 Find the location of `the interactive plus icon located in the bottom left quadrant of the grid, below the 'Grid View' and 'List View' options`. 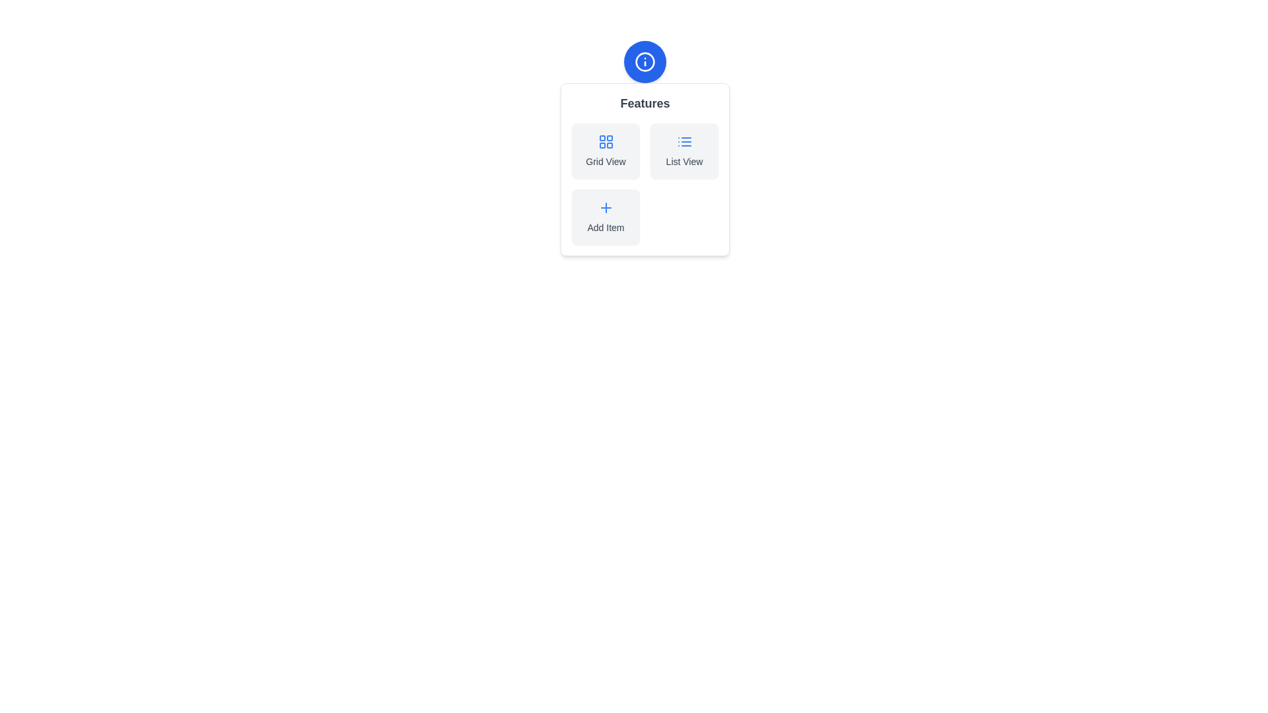

the interactive plus icon located in the bottom left quadrant of the grid, below the 'Grid View' and 'List View' options is located at coordinates (605, 208).